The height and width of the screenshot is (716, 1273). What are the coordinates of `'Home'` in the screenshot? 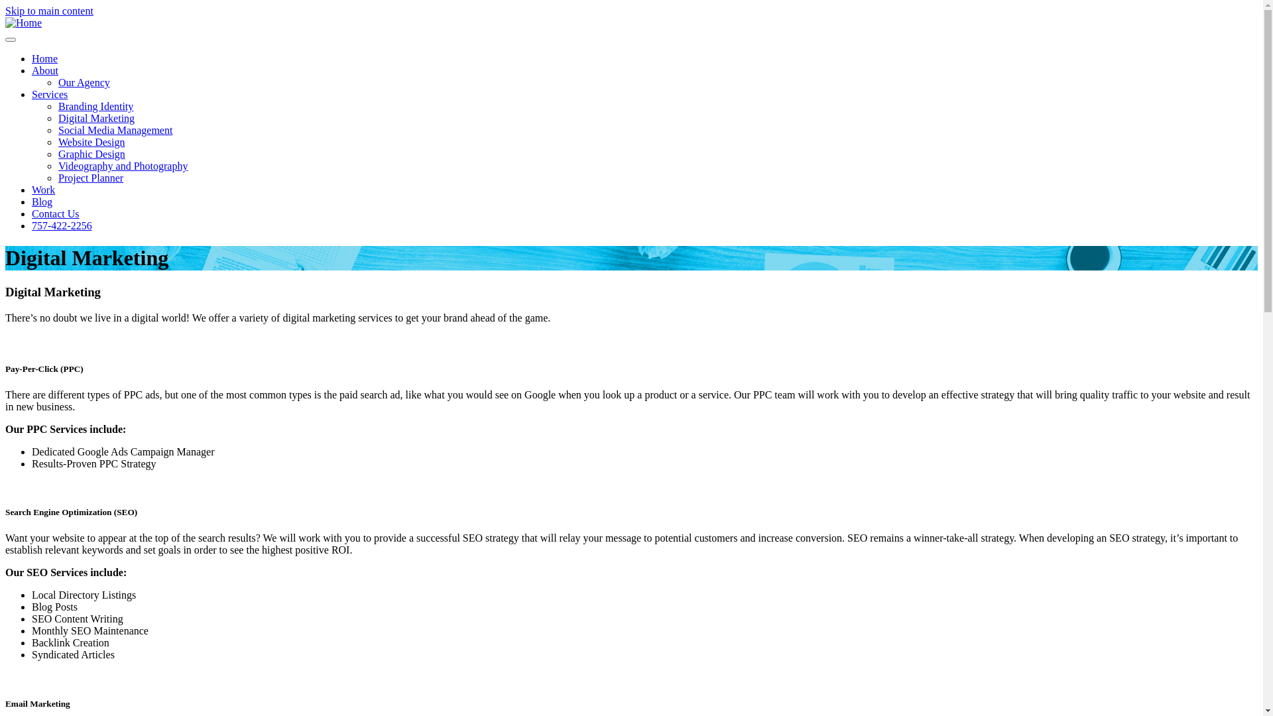 It's located at (23, 23).